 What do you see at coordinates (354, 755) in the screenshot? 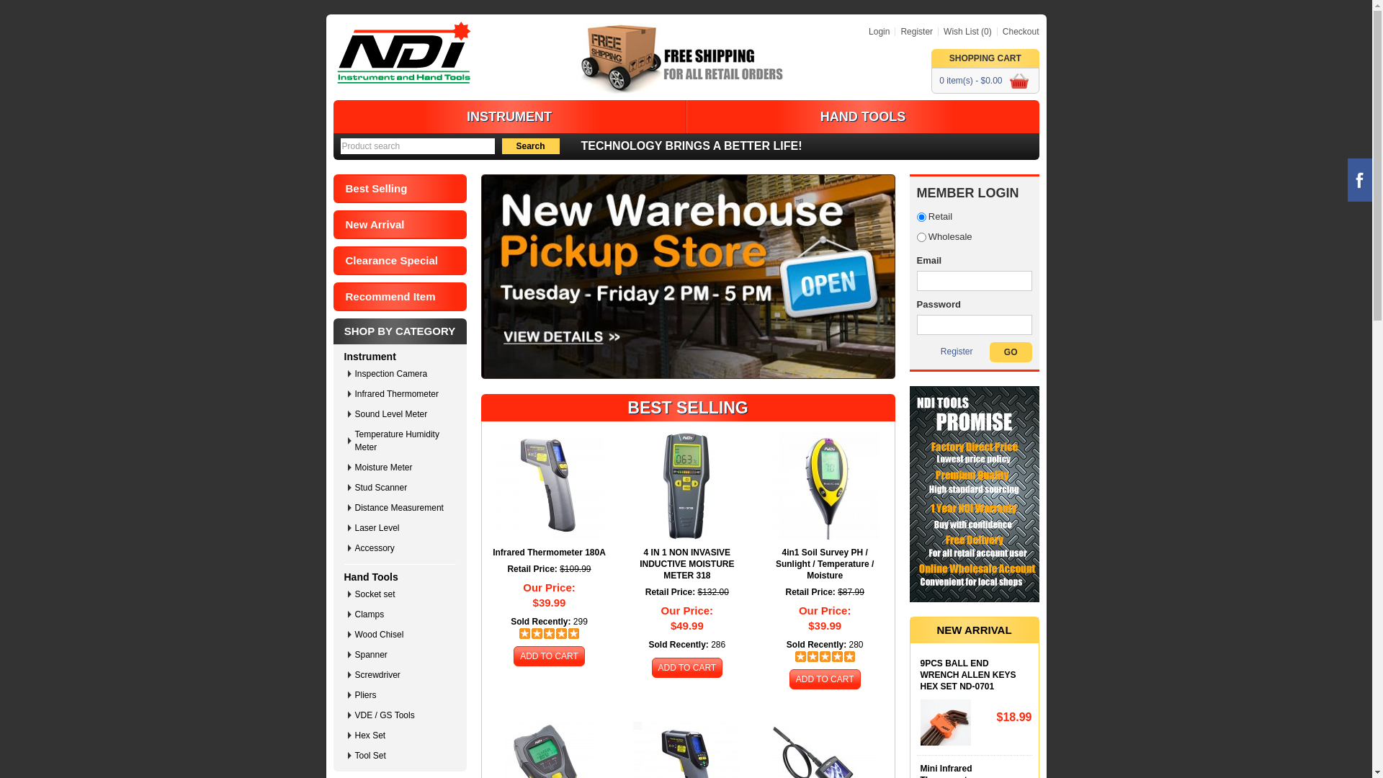
I see `'Tool Set'` at bounding box center [354, 755].